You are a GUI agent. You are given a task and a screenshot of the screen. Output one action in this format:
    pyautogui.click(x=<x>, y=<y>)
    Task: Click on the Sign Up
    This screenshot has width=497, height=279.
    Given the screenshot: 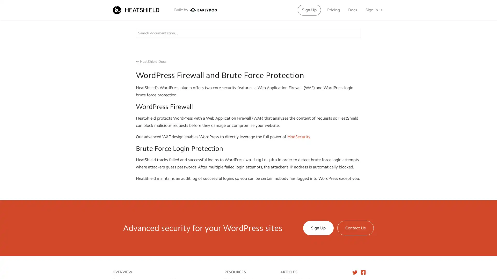 What is the action you would take?
    pyautogui.click(x=309, y=10)
    